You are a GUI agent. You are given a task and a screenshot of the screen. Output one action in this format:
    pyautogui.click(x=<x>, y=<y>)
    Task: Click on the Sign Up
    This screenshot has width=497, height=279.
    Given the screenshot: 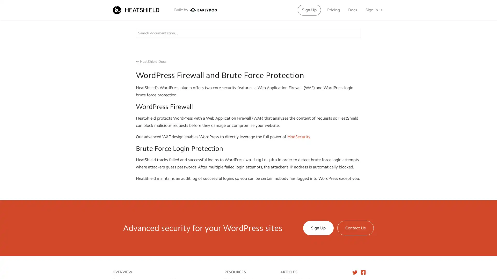 What is the action you would take?
    pyautogui.click(x=309, y=10)
    